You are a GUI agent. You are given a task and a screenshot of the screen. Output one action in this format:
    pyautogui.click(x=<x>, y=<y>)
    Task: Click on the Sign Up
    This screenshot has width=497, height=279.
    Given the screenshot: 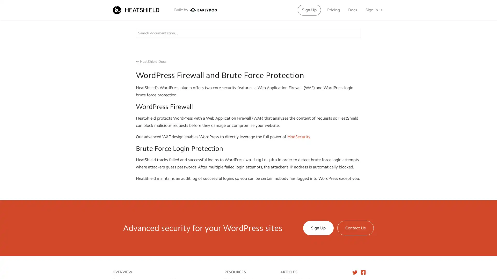 What is the action you would take?
    pyautogui.click(x=309, y=10)
    